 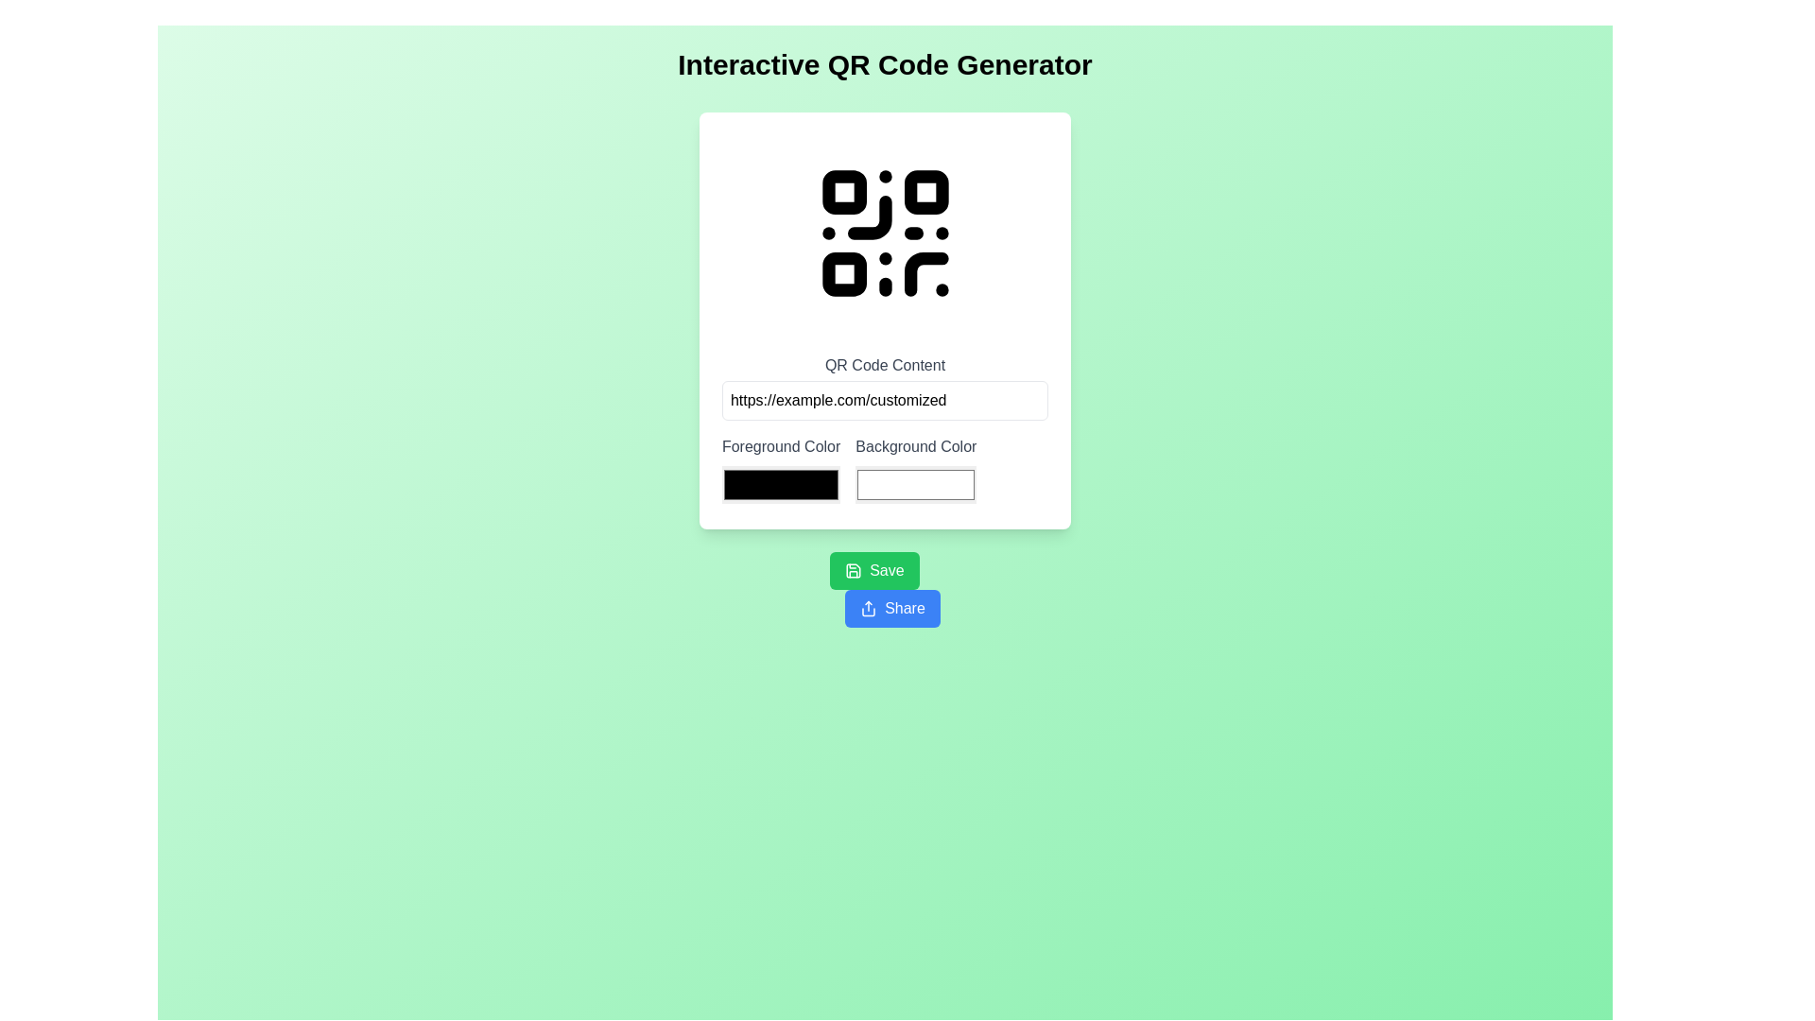 What do you see at coordinates (853, 570) in the screenshot?
I see `the green circular icon resembling a floppy disk, which symbolizes the 'Save' function, located to the left of the text 'Save' within the green button` at bounding box center [853, 570].